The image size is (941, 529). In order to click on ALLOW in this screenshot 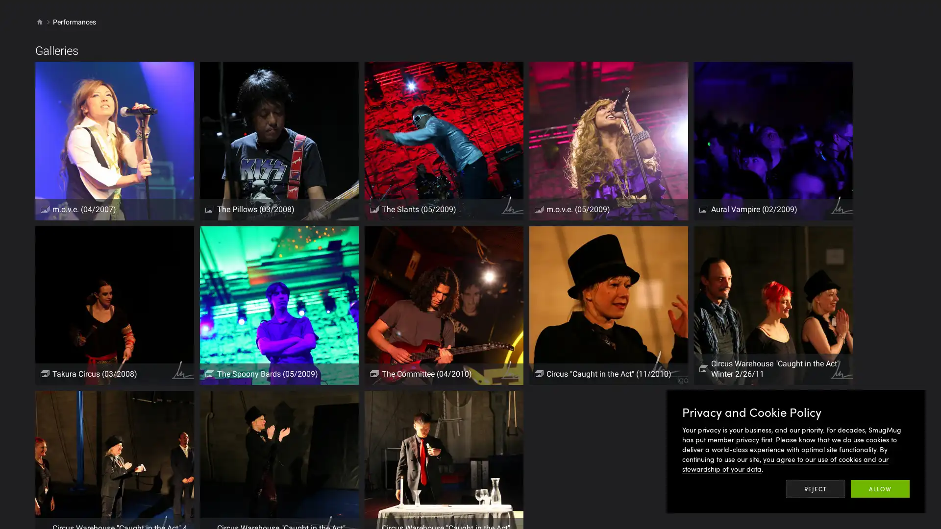, I will do `click(880, 489)`.